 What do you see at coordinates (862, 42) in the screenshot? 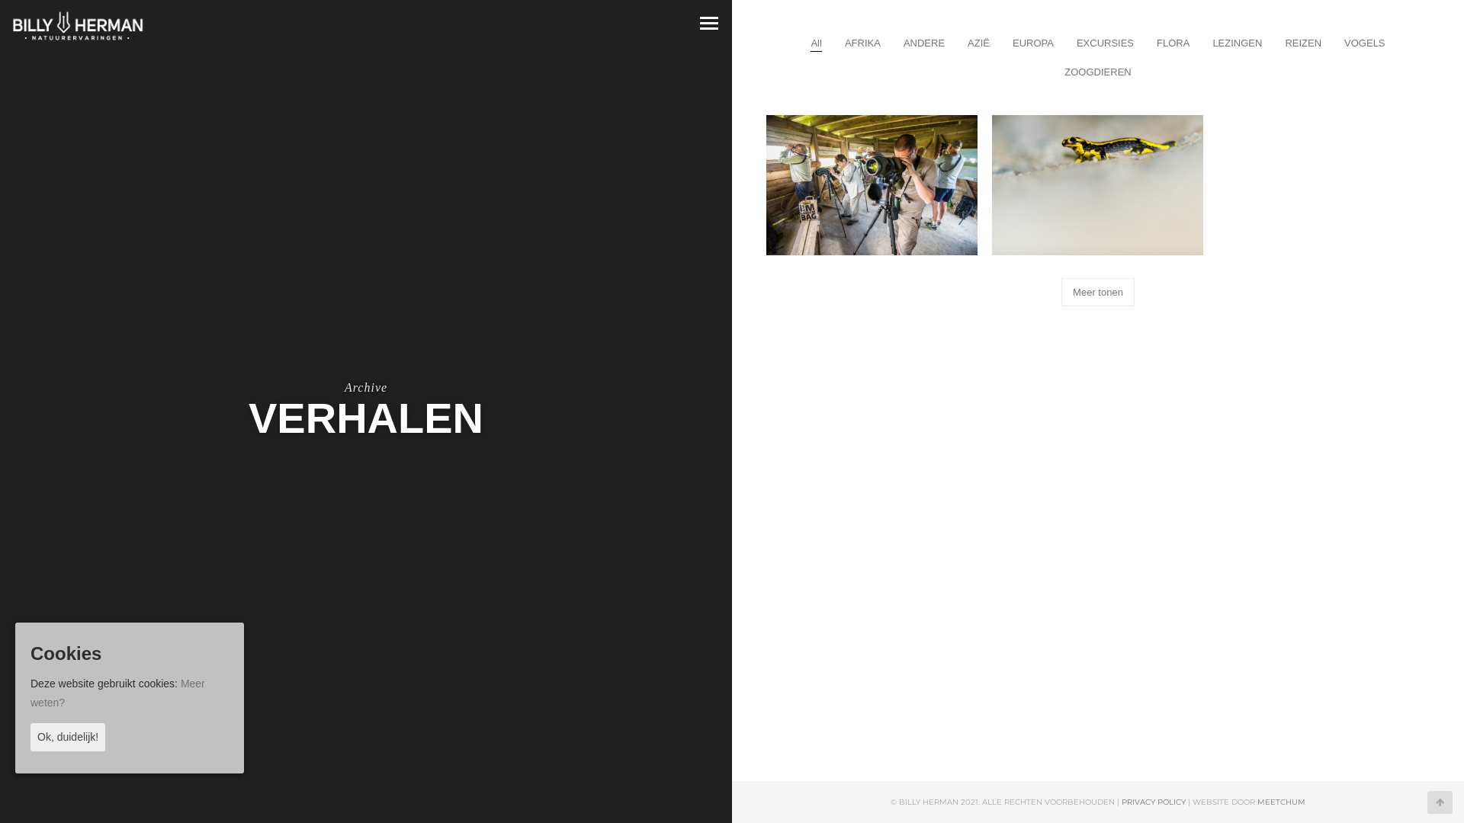
I see `'AFRIKA'` at bounding box center [862, 42].